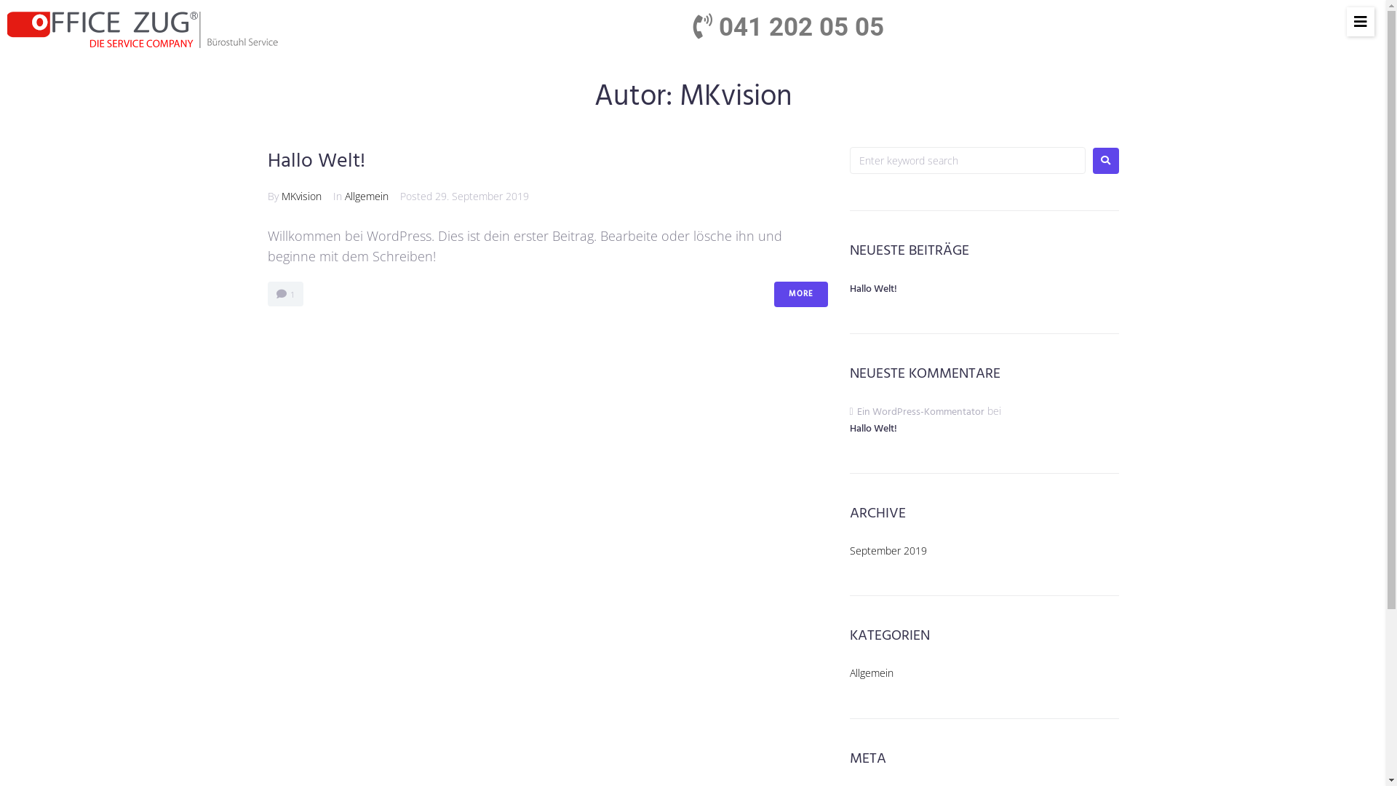 This screenshot has height=786, width=1397. I want to click on 'Ein WordPress-Kommentator', so click(920, 412).